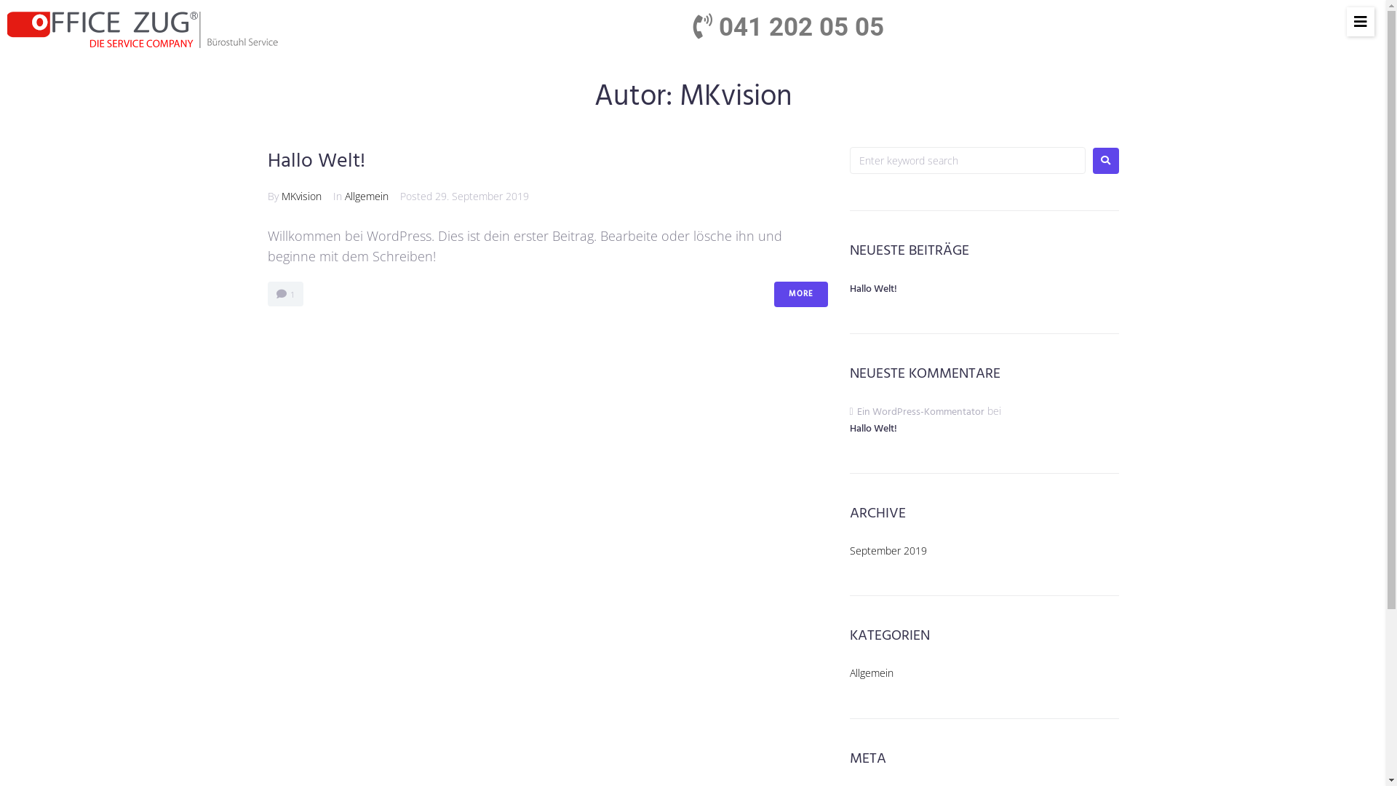 This screenshot has height=786, width=1397. I want to click on 'Ein WordPress-Kommentator', so click(920, 412).